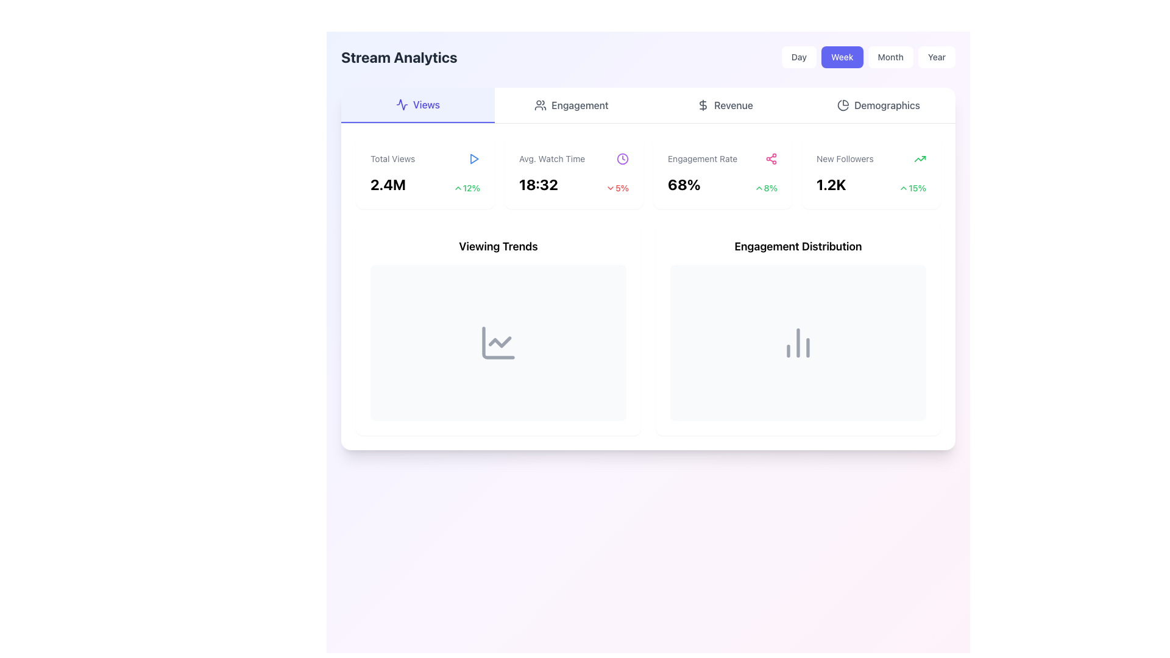  What do you see at coordinates (418, 105) in the screenshot?
I see `the active 'Views' tab, which is the first tab in the navigation bar with a blue text color and a graph-like icon` at bounding box center [418, 105].